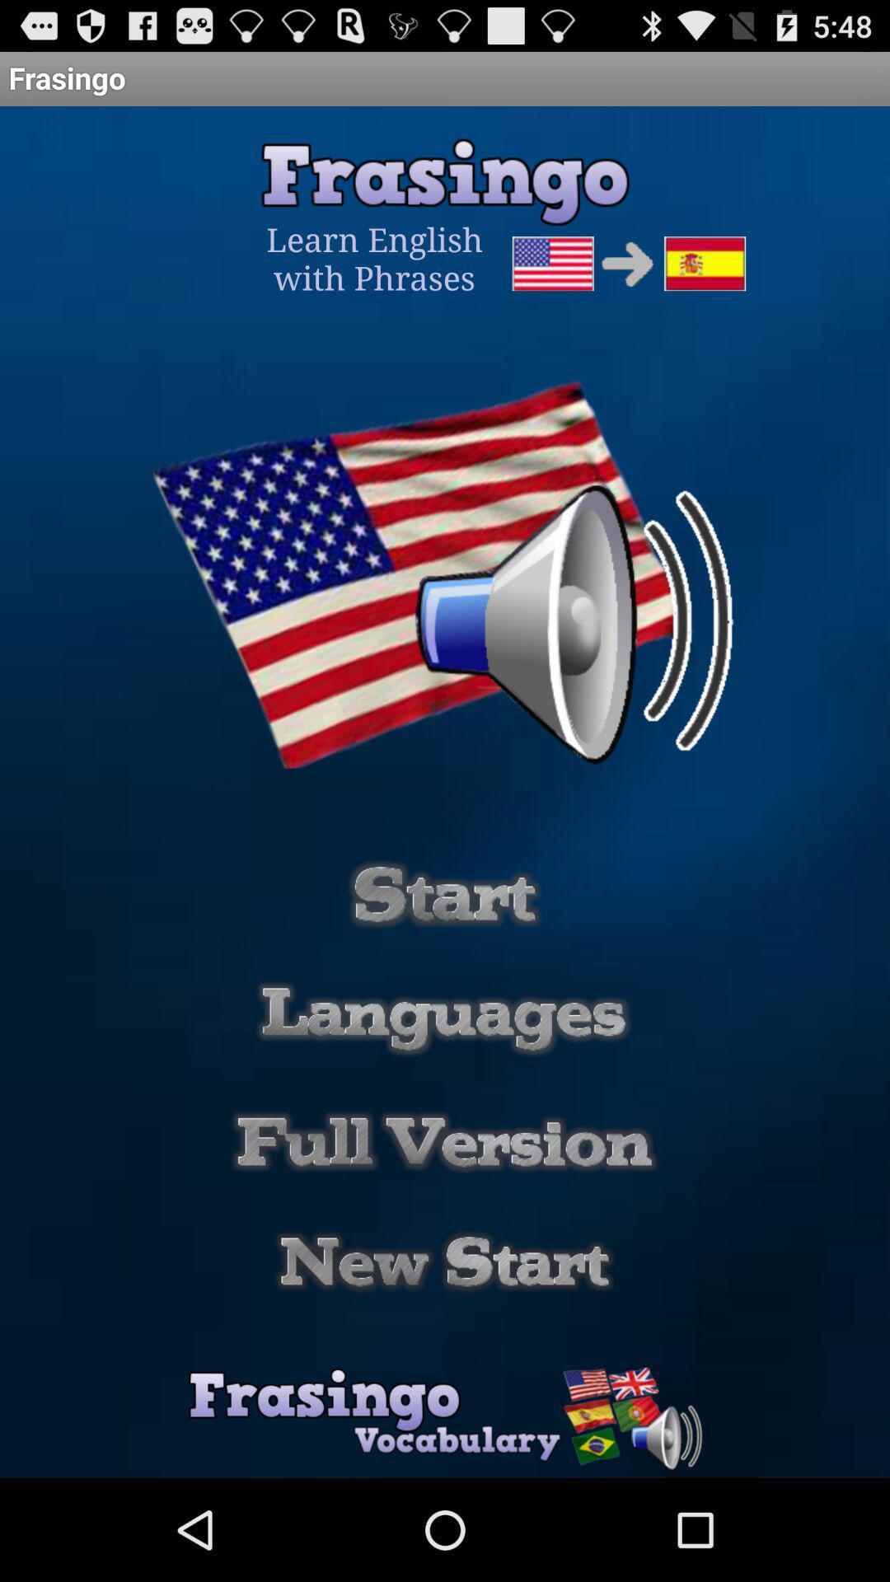 The image size is (890, 1582). I want to click on the image above start, so click(443, 586).